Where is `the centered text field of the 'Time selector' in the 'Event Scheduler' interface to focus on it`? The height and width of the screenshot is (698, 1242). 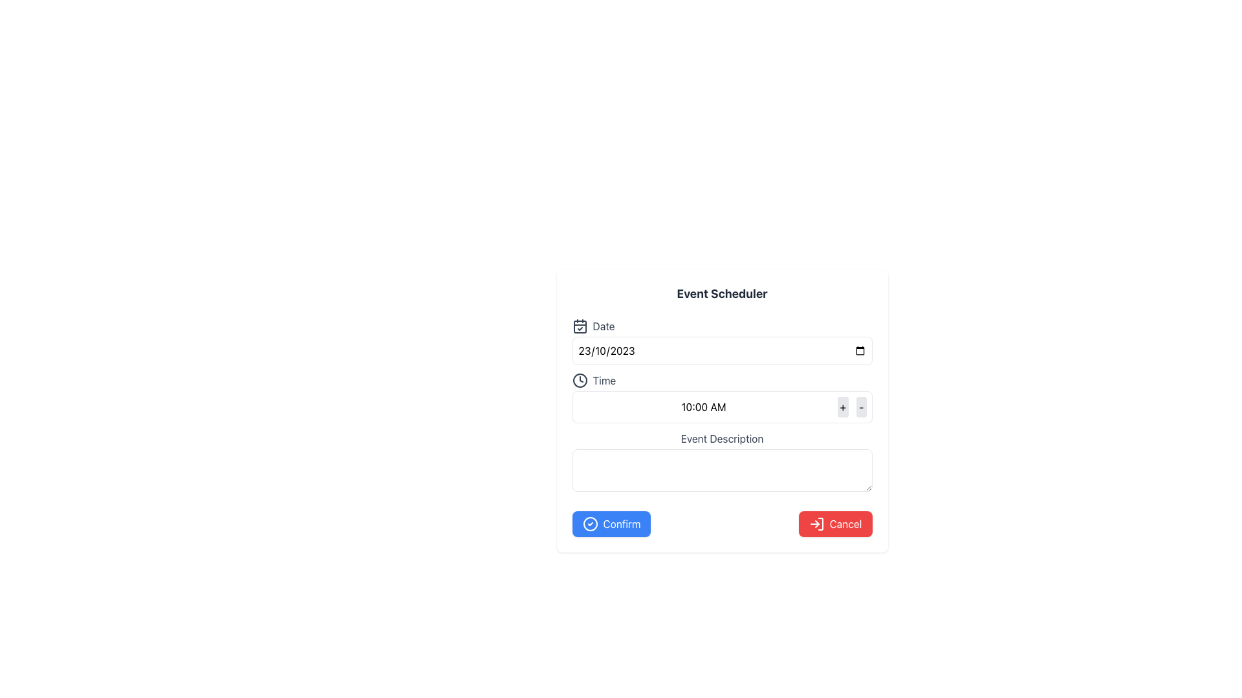 the centered text field of the 'Time selector' in the 'Event Scheduler' interface to focus on it is located at coordinates (721, 397).